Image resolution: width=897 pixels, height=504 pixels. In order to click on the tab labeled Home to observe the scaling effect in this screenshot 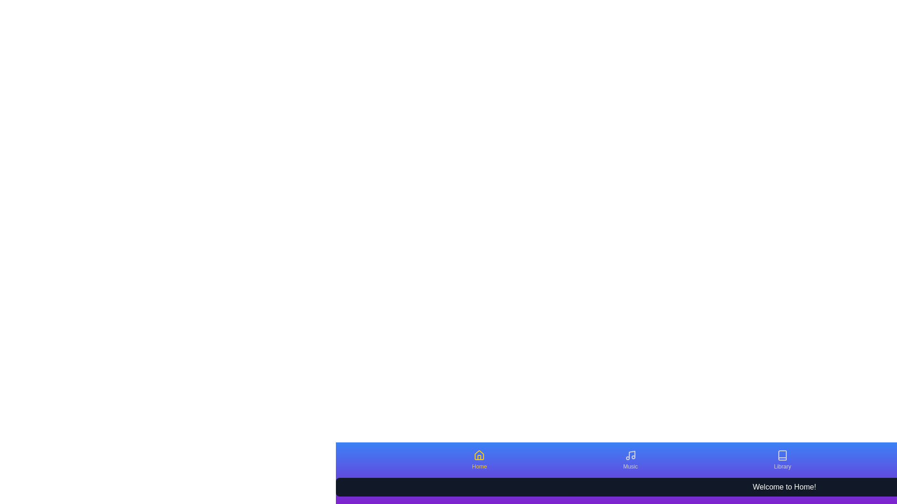, I will do `click(479, 460)`.